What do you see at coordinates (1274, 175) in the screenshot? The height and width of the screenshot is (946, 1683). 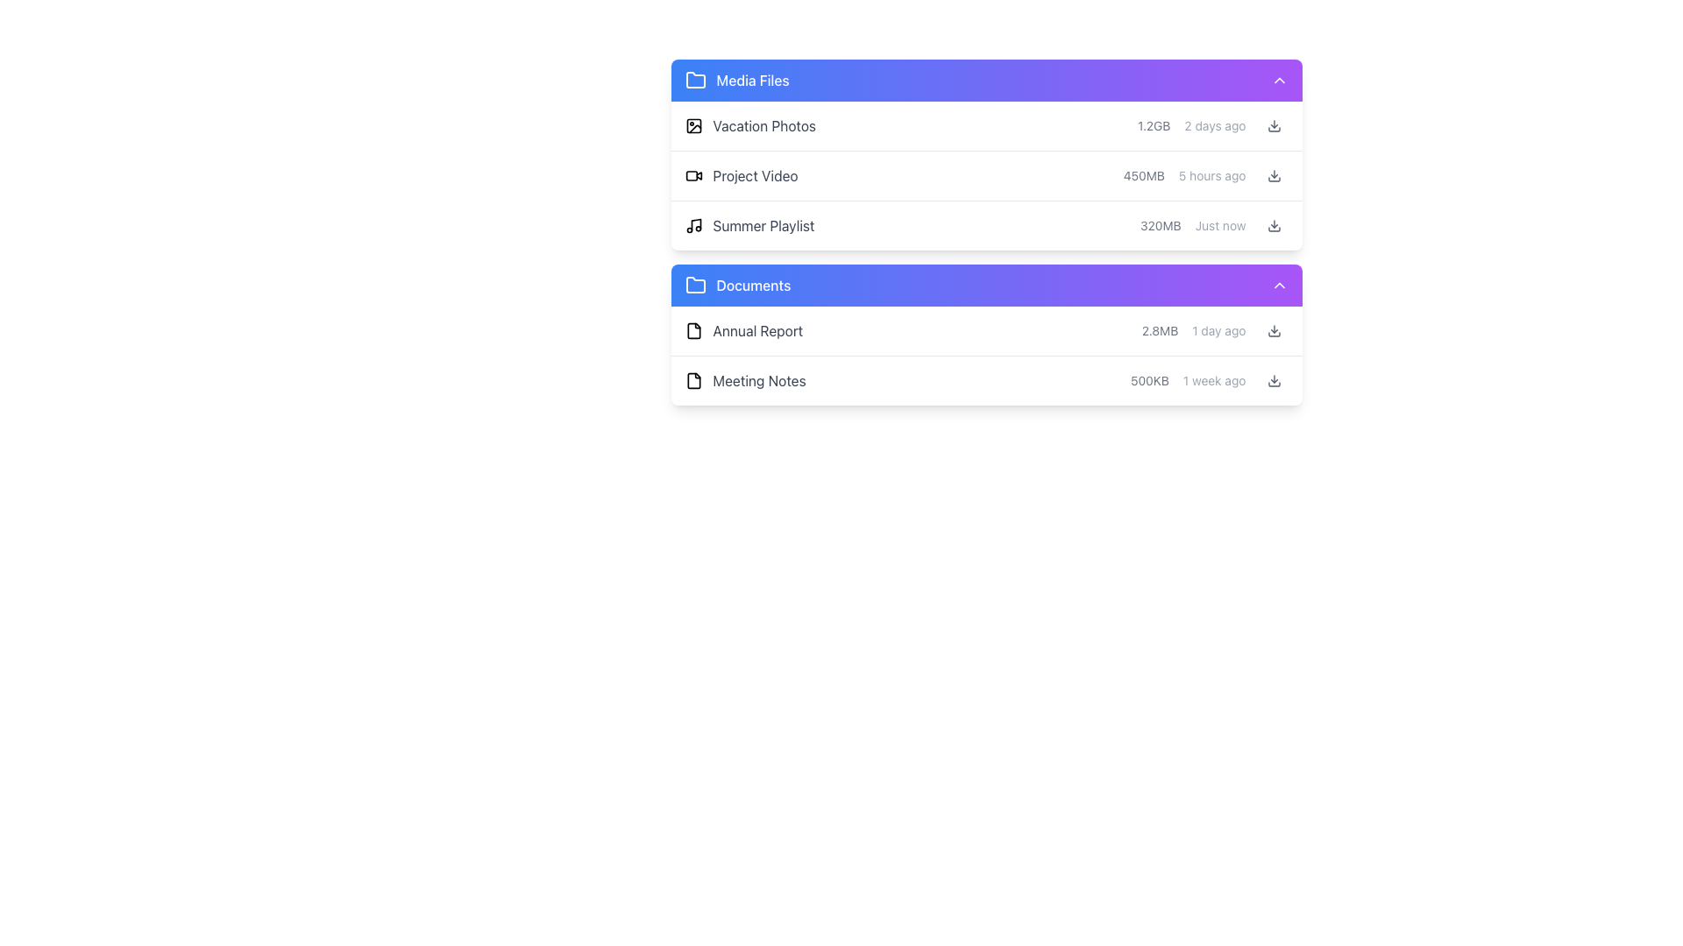 I see `the circular download button located in the 'Media Files' section, positioned beside '450MB' and '5 hours ago' text elements` at bounding box center [1274, 175].